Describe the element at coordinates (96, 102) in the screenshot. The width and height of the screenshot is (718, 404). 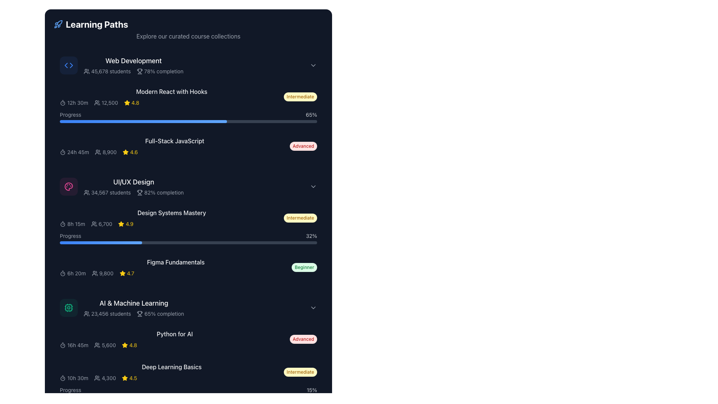
I see `the icon representing two stylized silhouettes indicating a group or multiple users, located to the left of the text '12,500' in the 'Web Development' course entry` at that location.